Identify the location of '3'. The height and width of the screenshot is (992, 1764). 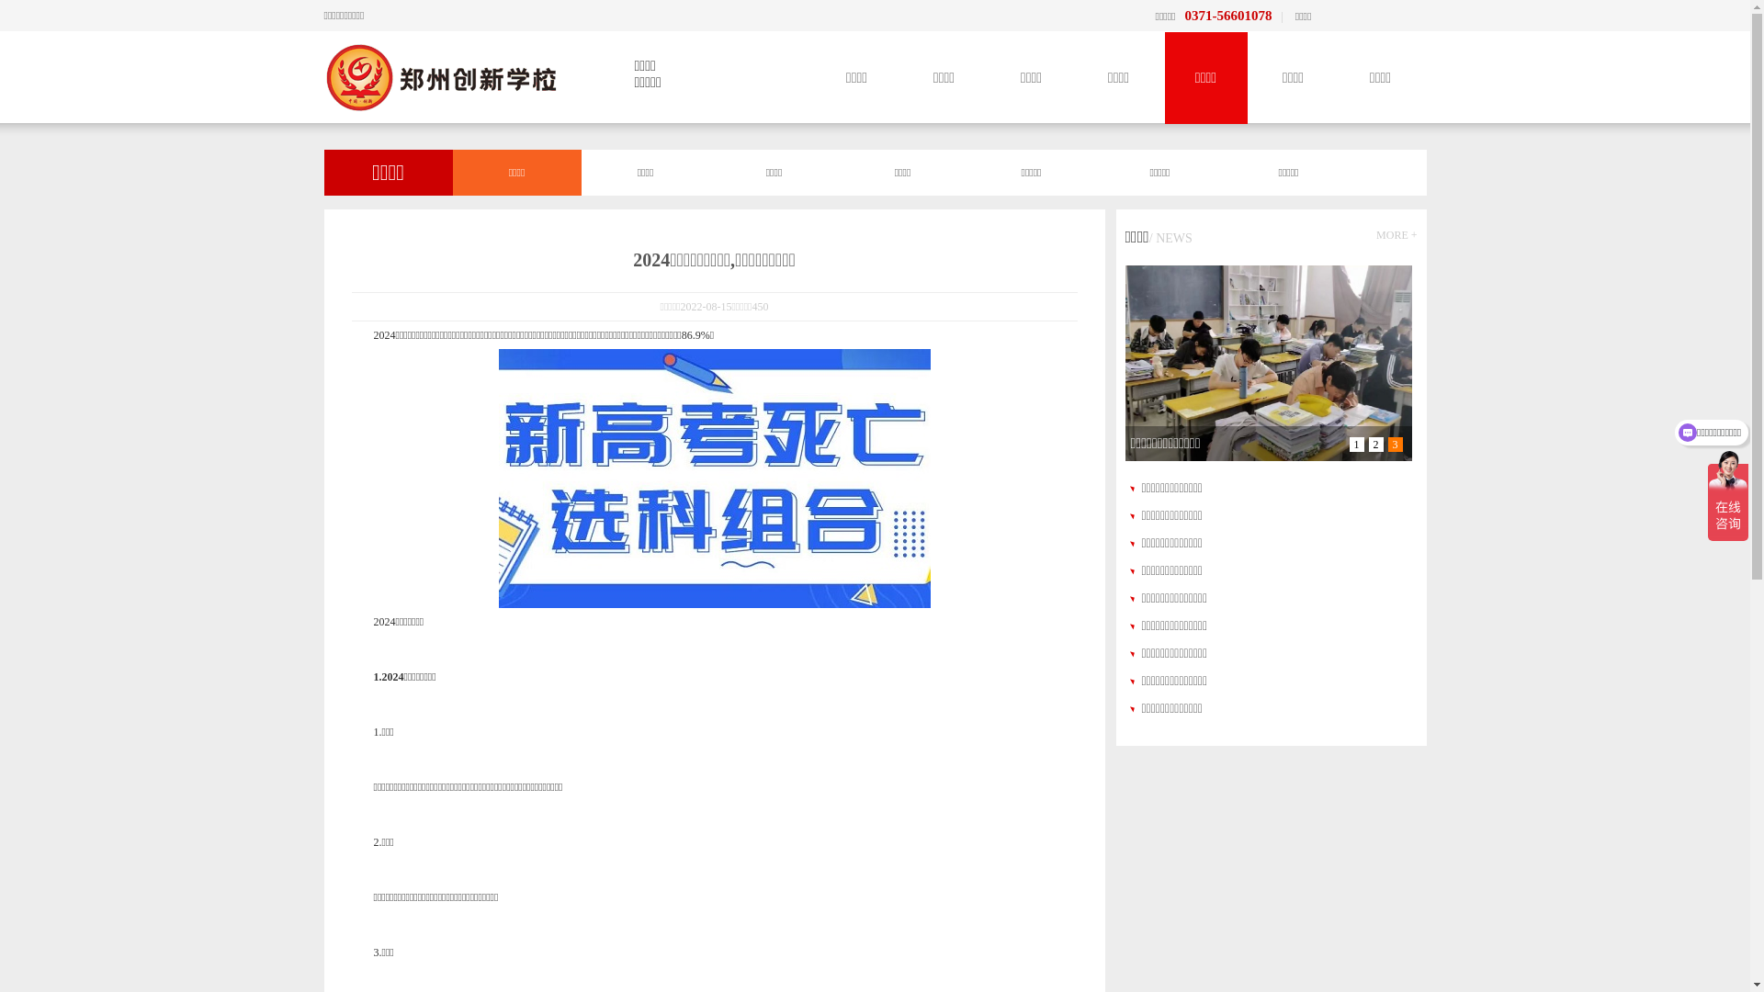
(1387, 444).